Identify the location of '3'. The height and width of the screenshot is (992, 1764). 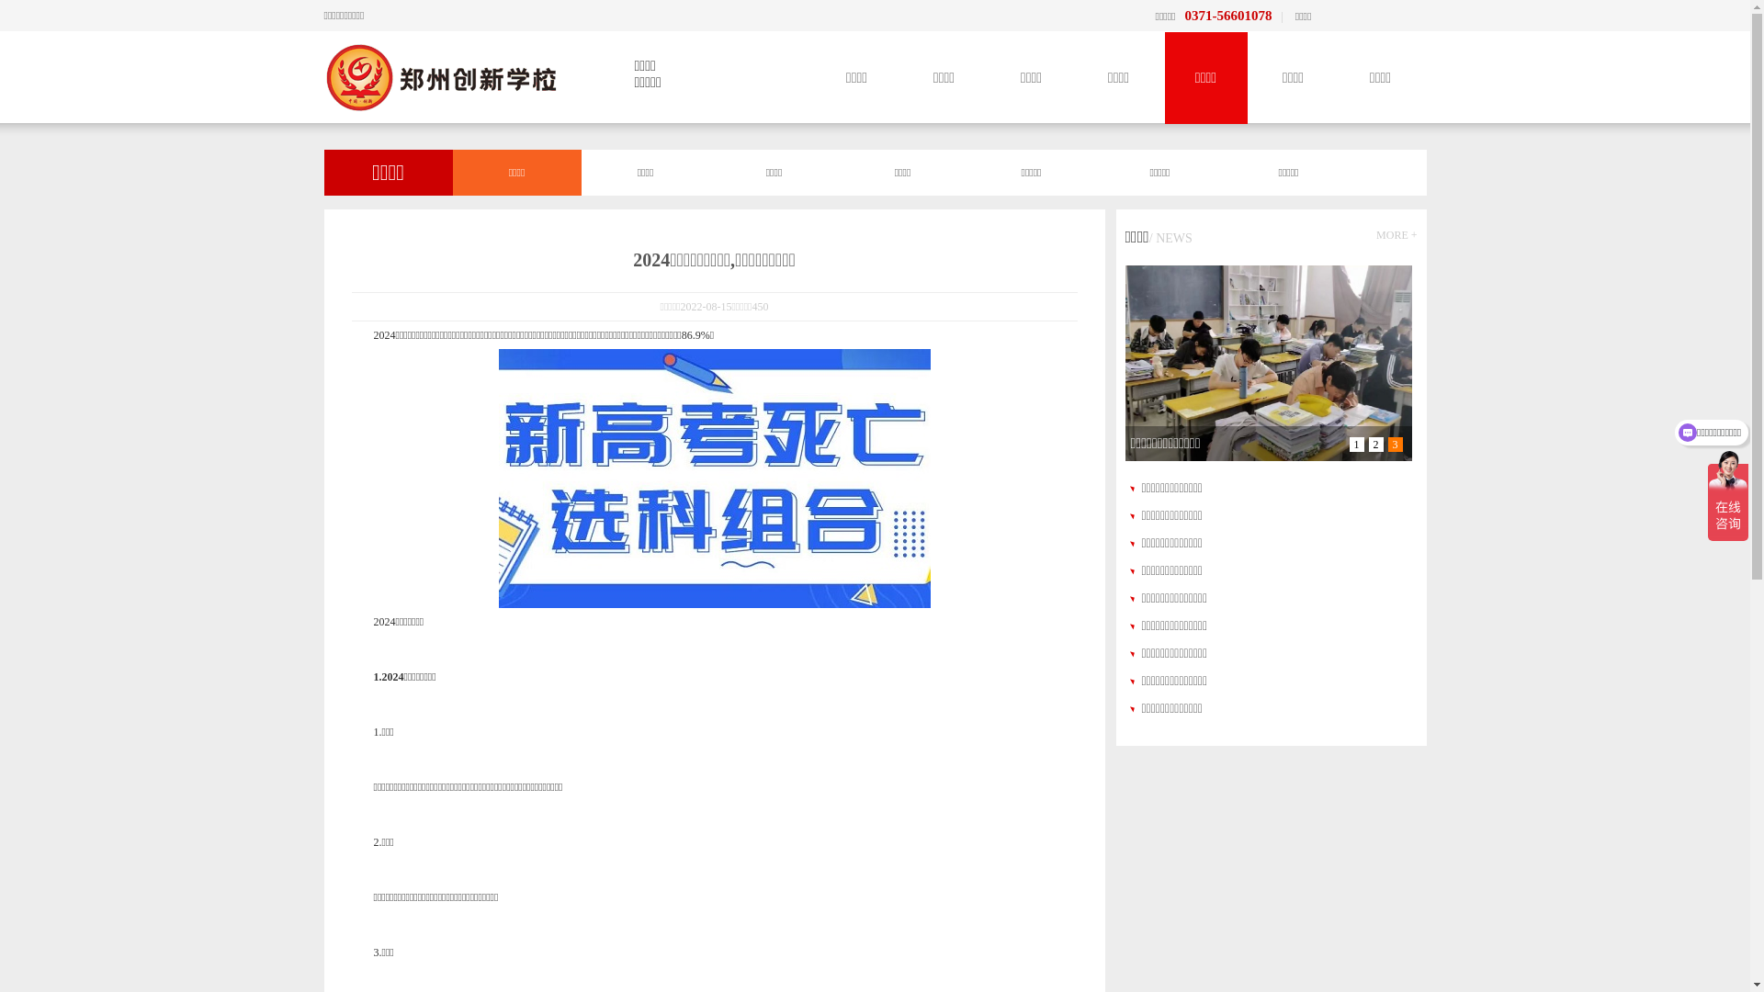
(1387, 444).